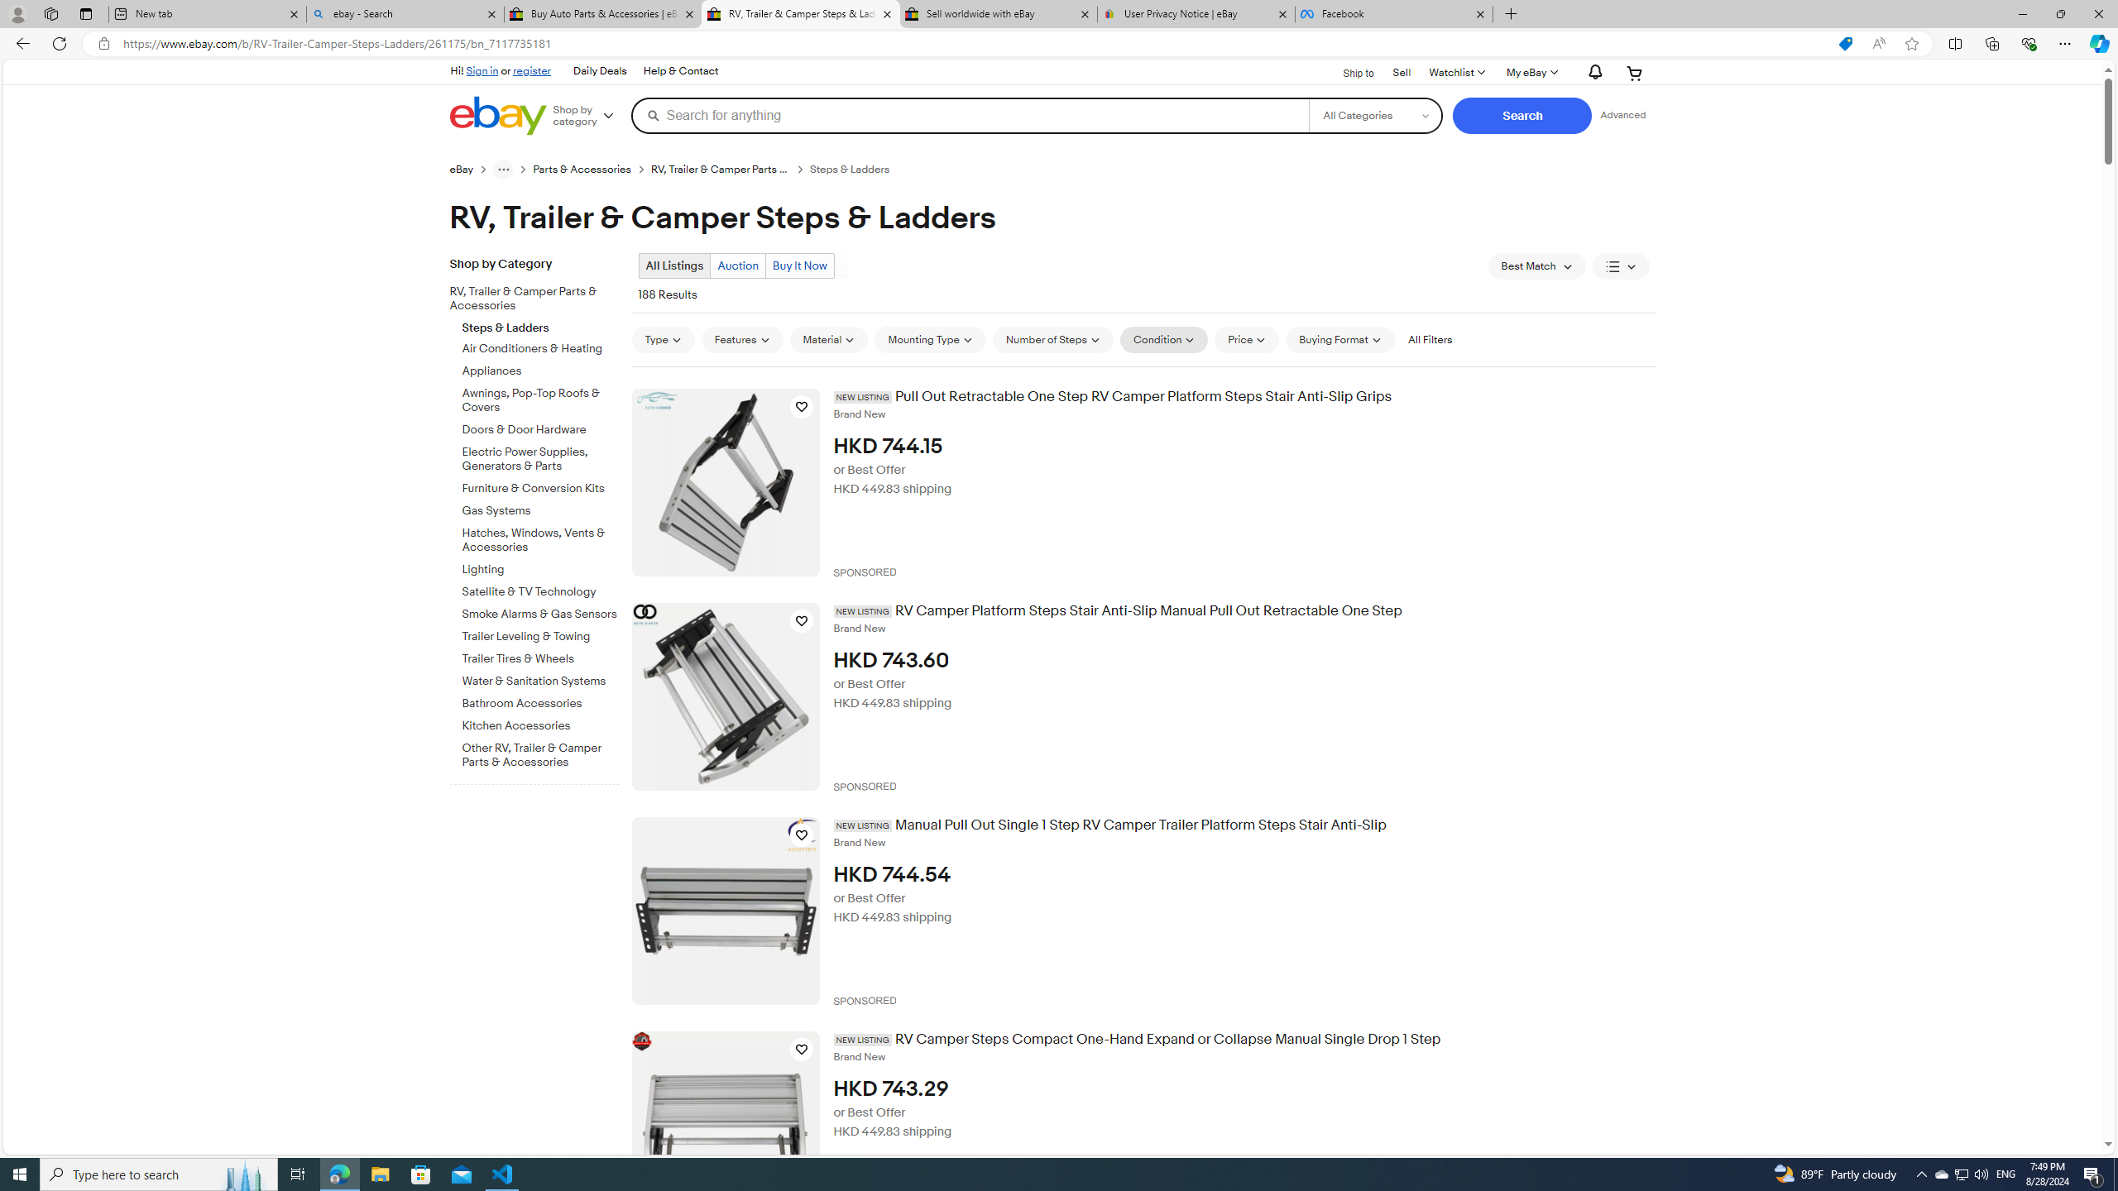 This screenshot has width=2118, height=1191. Describe the element at coordinates (540, 541) in the screenshot. I see `'Hatches, Windows, Vents & Accessories'` at that location.